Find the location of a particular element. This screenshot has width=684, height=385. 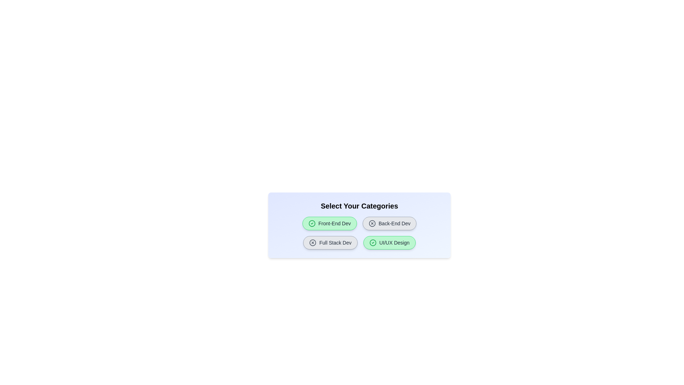

the category chip labeled 'Full Stack Dev' by clicking on it is located at coordinates (330, 242).